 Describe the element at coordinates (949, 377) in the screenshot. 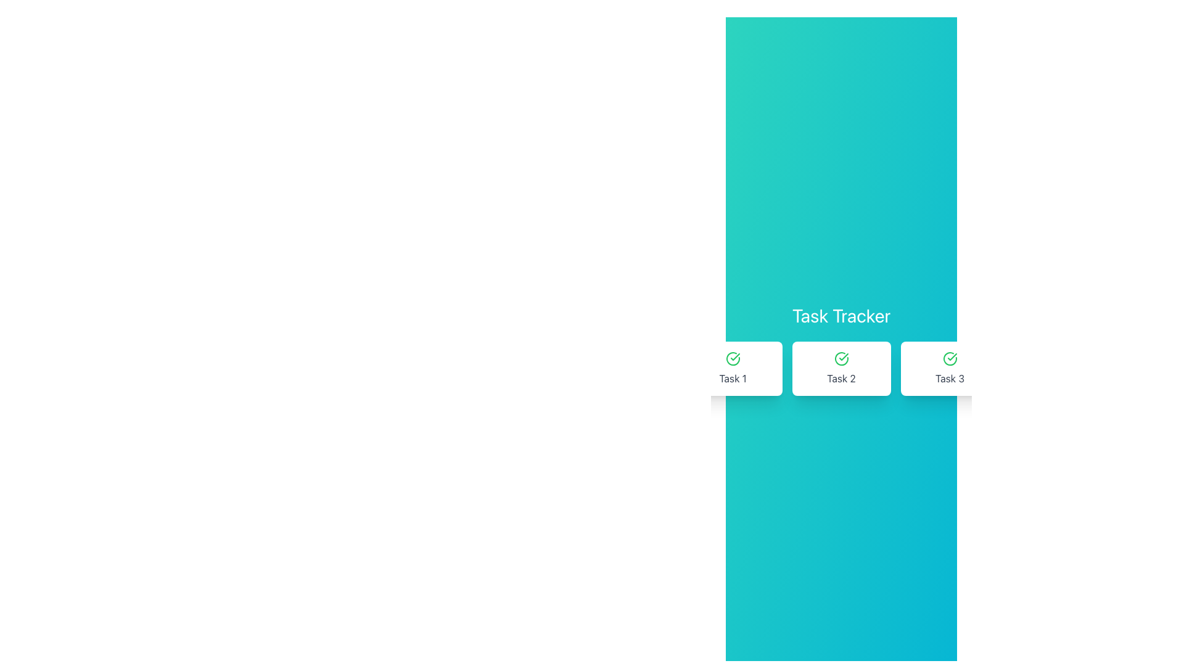

I see `the 'Task 3' text label, which is styled in dark gray and located under a green checkmark icon within the third card of the 'Task Tracker' section` at that location.